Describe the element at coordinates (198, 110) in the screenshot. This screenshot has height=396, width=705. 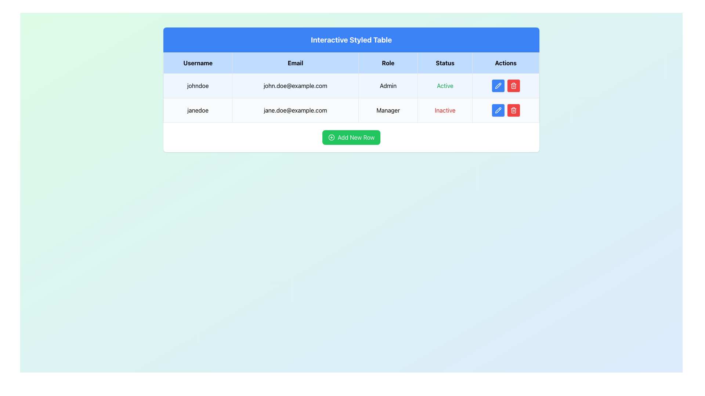
I see `the text label displaying 'janedoe' in the second row, first column of the table` at that location.